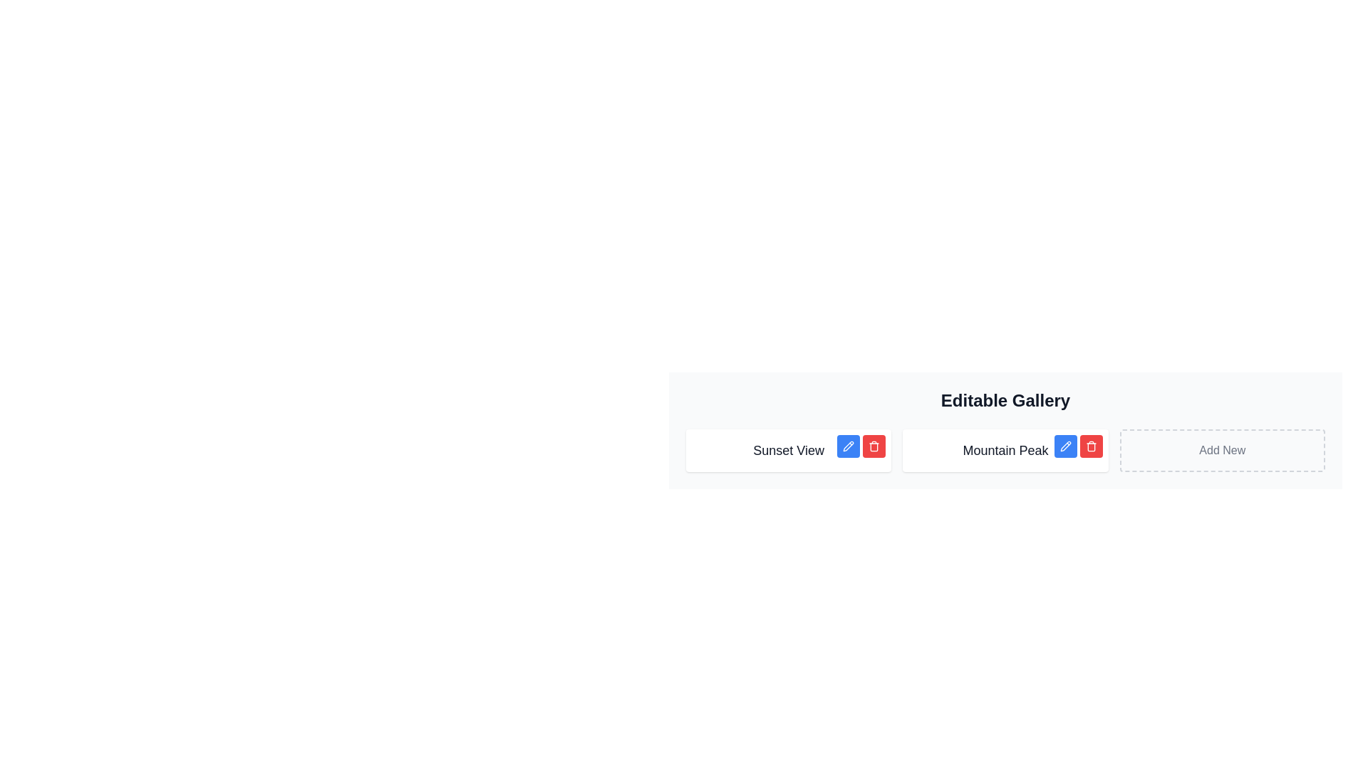  What do you see at coordinates (1078, 446) in the screenshot?
I see `the red delete button located in the top-right corner of the 'Mountain Peak' card, which is represented by a trash symbol on a red background` at bounding box center [1078, 446].